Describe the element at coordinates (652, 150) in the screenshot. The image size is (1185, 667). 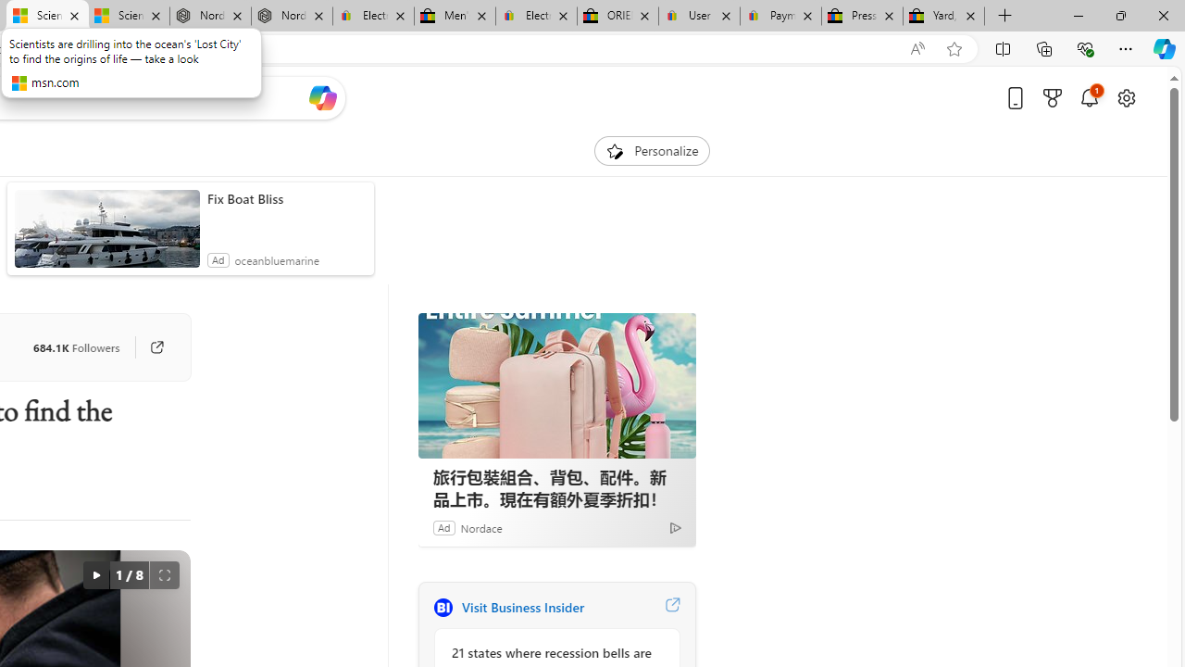
I see `'Personalize'` at that location.